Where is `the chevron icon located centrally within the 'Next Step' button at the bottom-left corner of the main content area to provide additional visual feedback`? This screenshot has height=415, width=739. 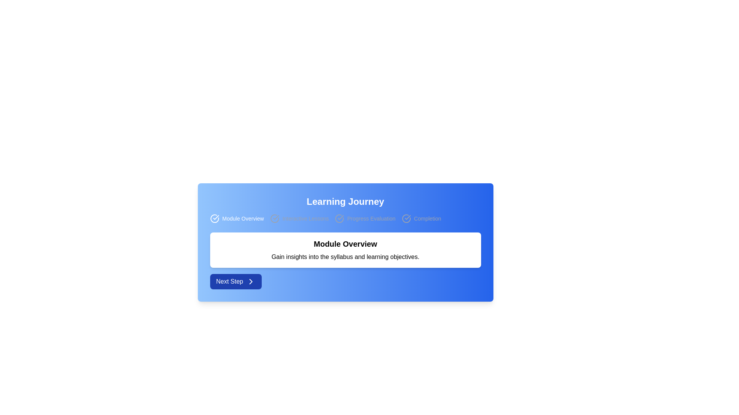
the chevron icon located centrally within the 'Next Step' button at the bottom-left corner of the main content area to provide additional visual feedback is located at coordinates (251, 281).